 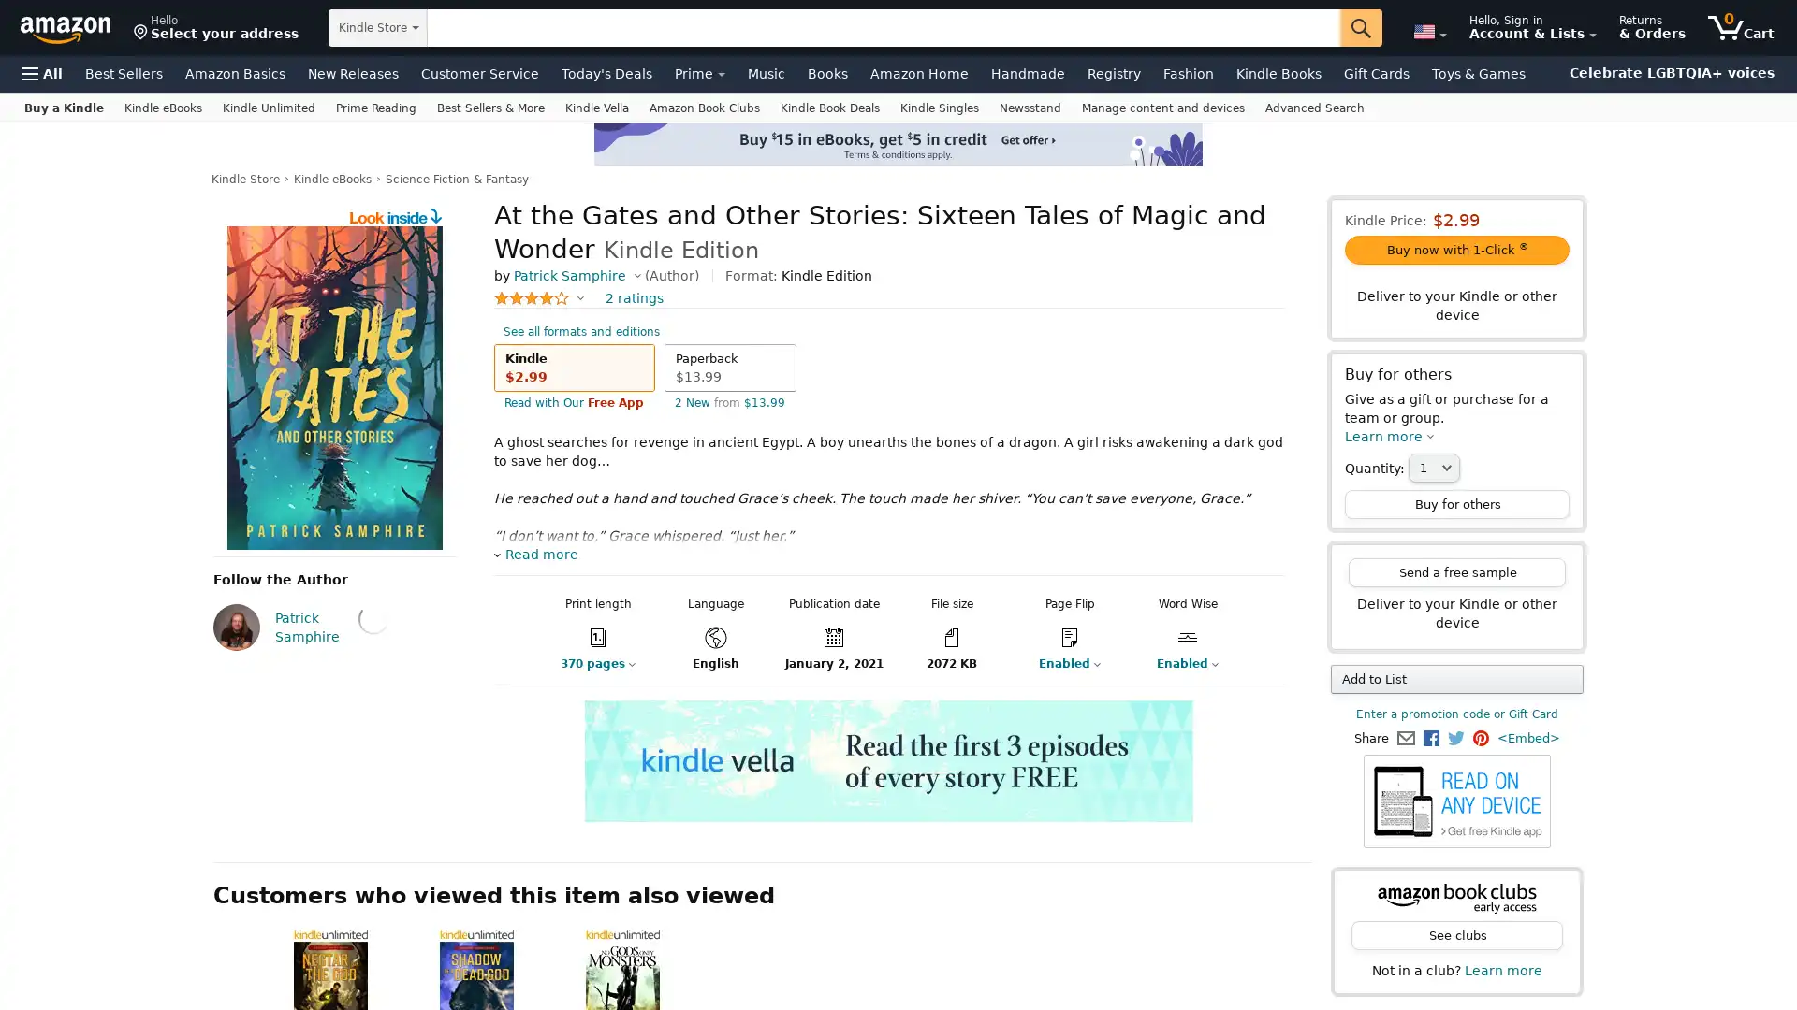 I want to click on Send a free sample, so click(x=1455, y=571).